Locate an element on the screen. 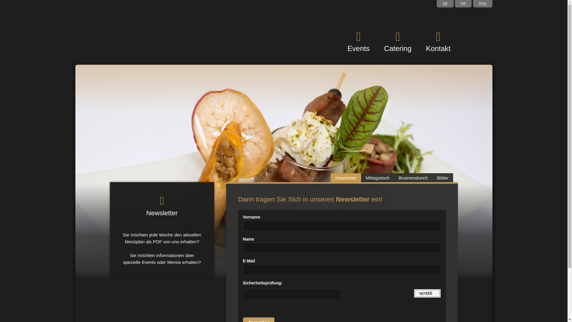 Image resolution: width=572 pixels, height=322 pixels. 'RSS' is located at coordinates (483, 4).